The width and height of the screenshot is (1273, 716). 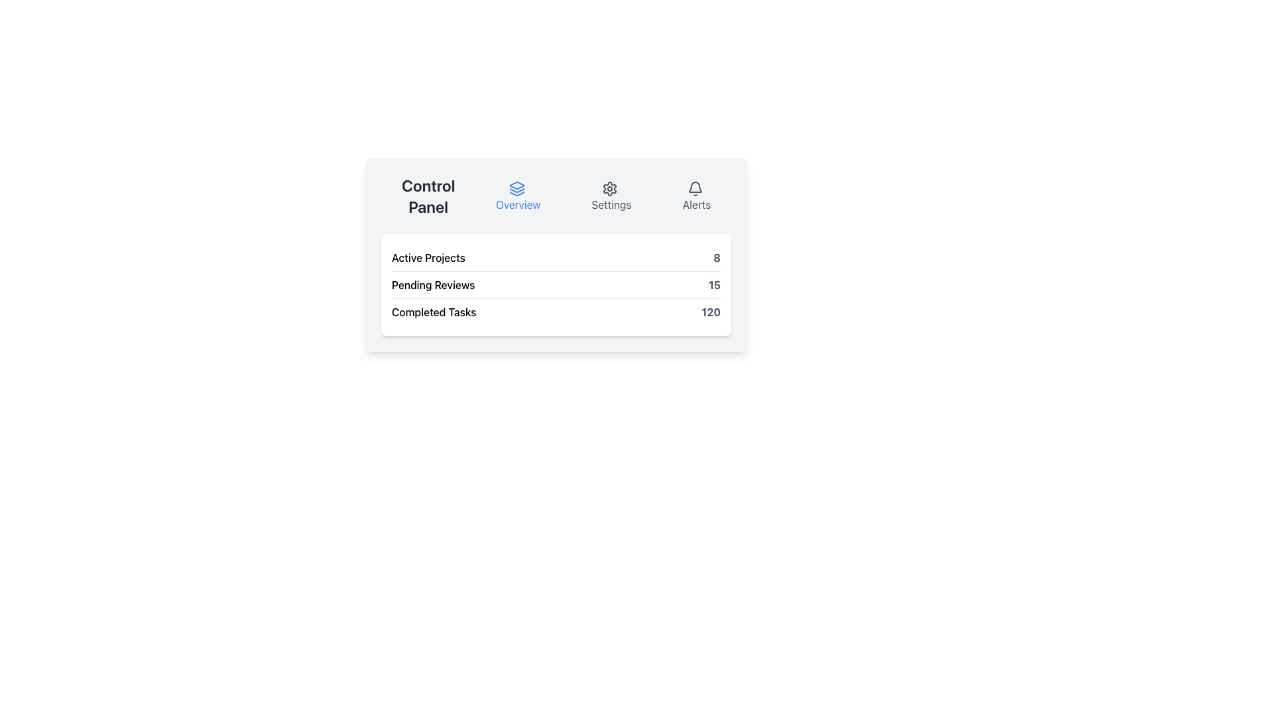 I want to click on the Text Label that displays the title 'Active Projects', which is located in the upper-left section of the row containing the number '8', so click(x=428, y=257).